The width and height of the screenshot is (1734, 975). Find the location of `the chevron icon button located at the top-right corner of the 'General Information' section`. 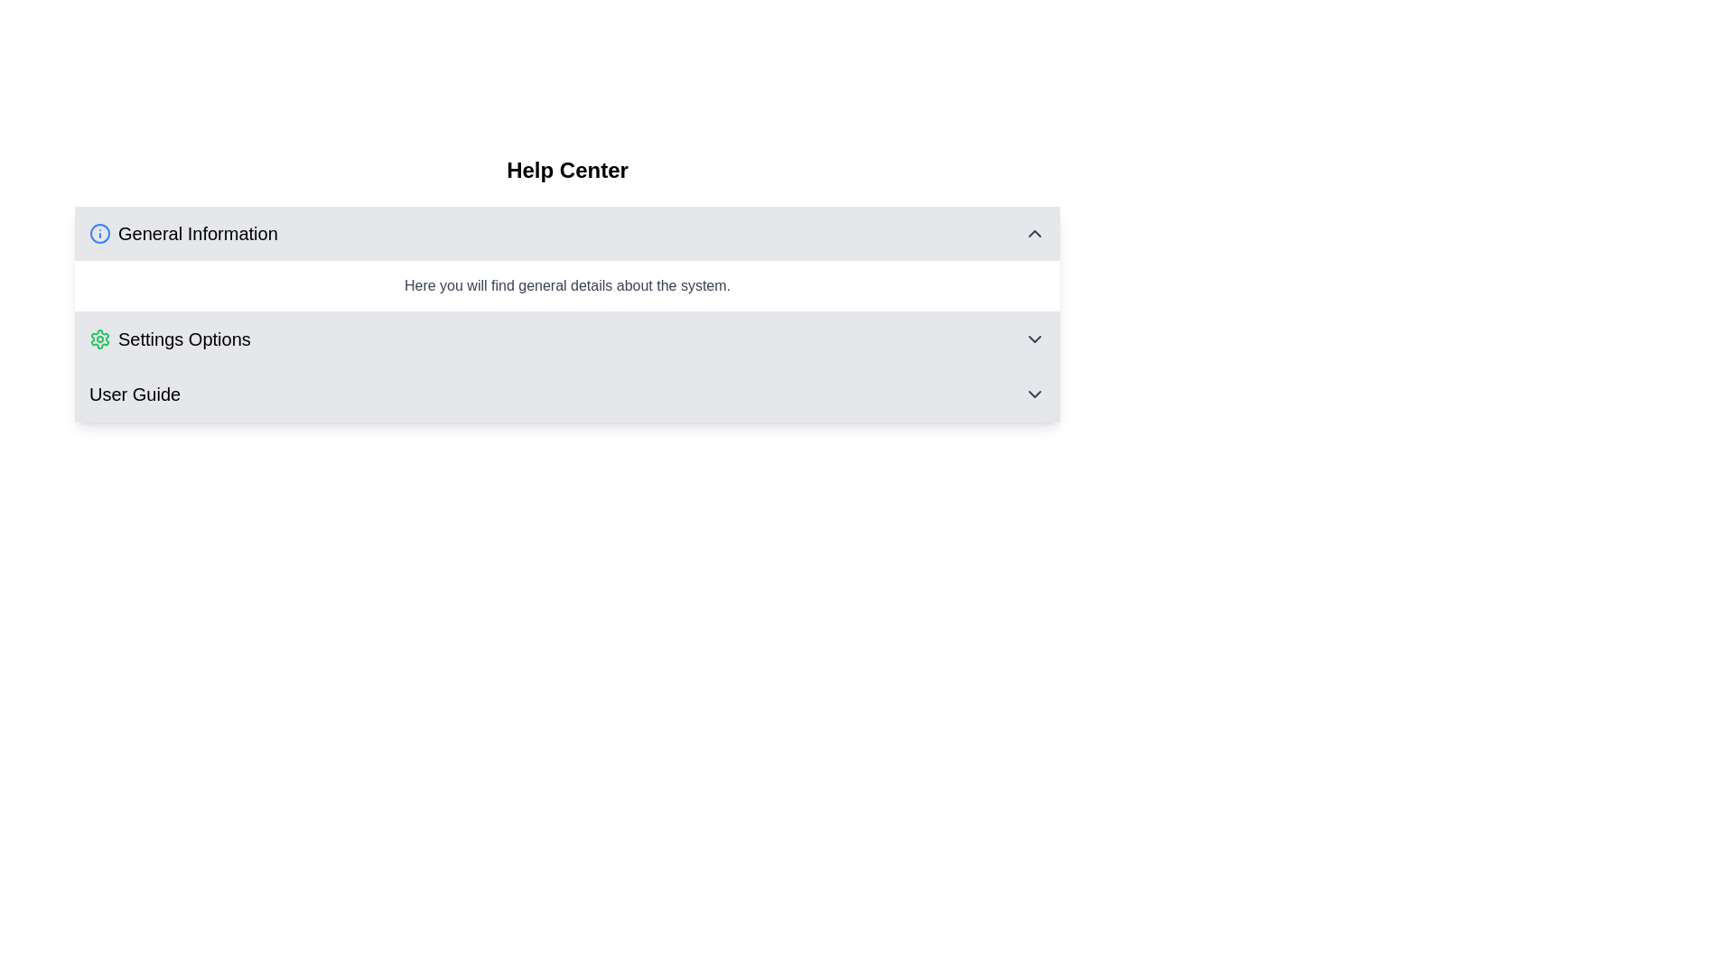

the chevron icon button located at the top-right corner of the 'General Information' section is located at coordinates (1035, 232).